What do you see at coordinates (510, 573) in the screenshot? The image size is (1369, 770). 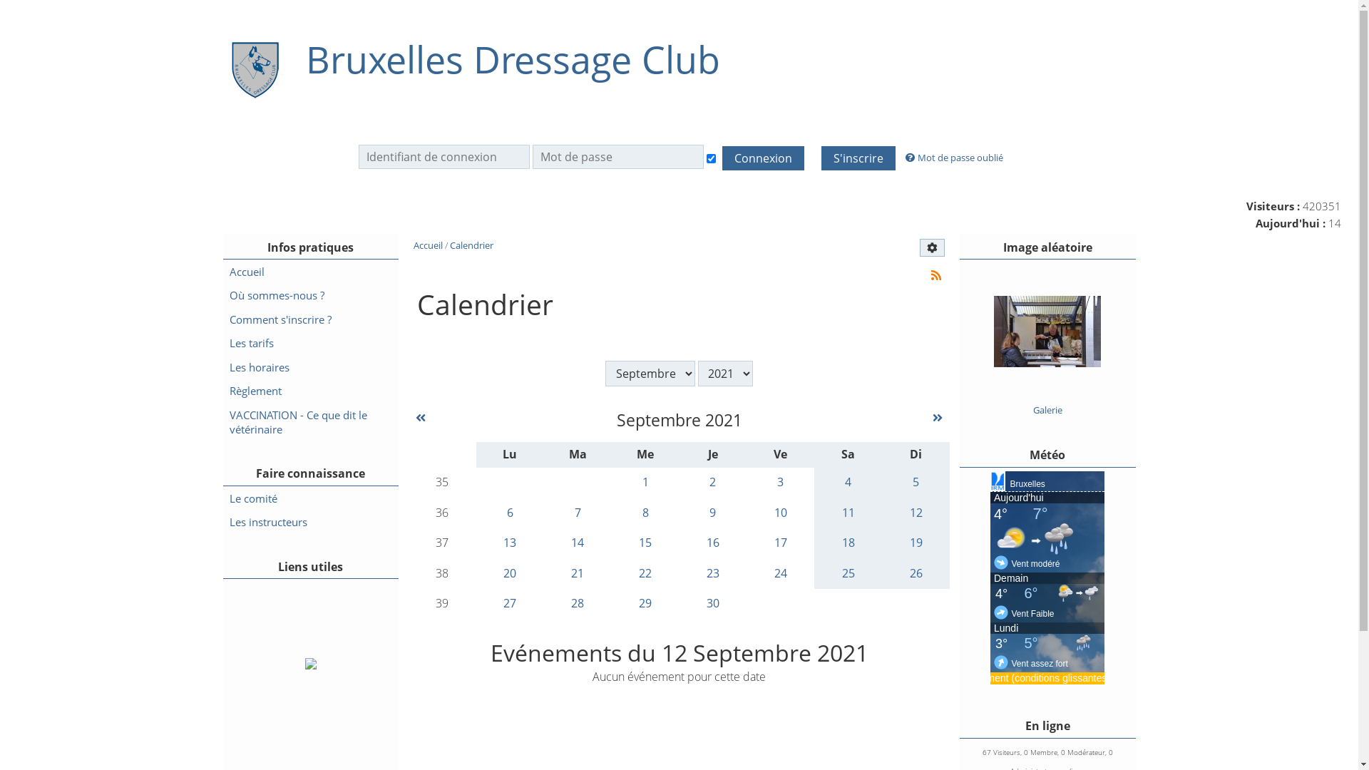 I see `'20'` at bounding box center [510, 573].